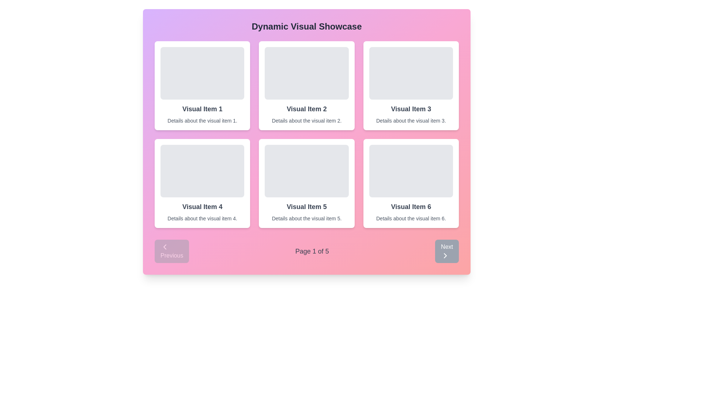 The image size is (702, 394). What do you see at coordinates (202, 183) in the screenshot?
I see `the content item card element titled 'Visual Item 4' located in the first column of the second row of the 'Dynamic Visual Showcase' section` at bounding box center [202, 183].